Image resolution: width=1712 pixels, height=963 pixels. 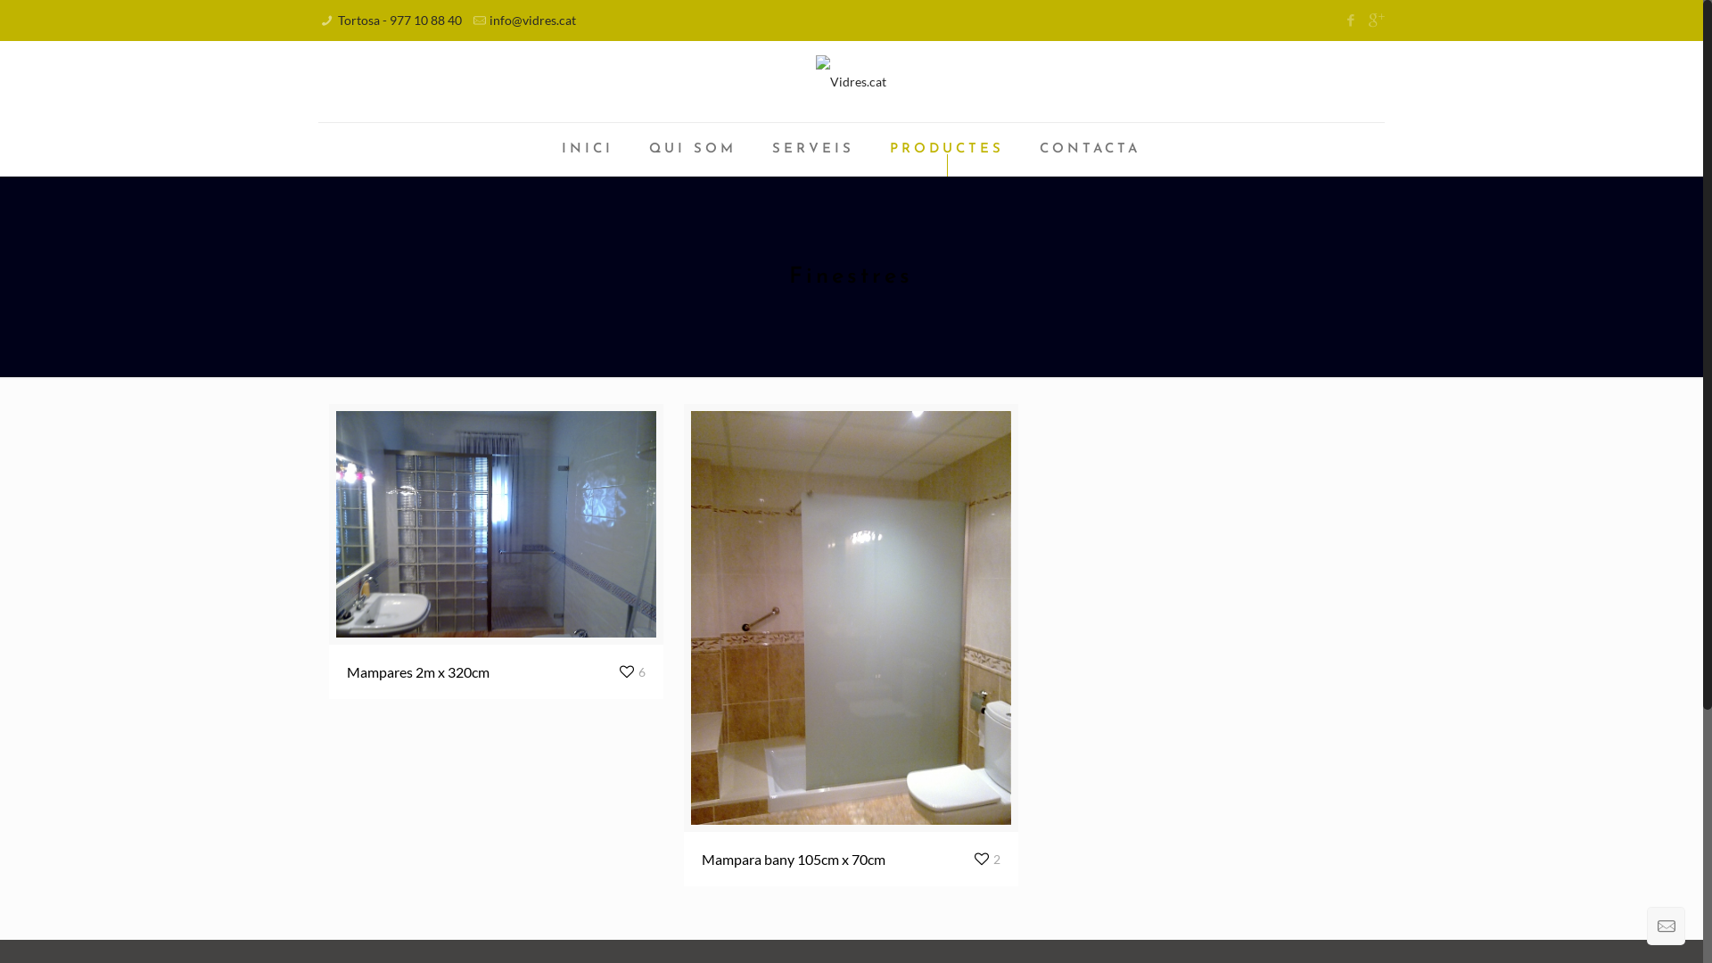 I want to click on 'PRODUCTES', so click(x=945, y=149).